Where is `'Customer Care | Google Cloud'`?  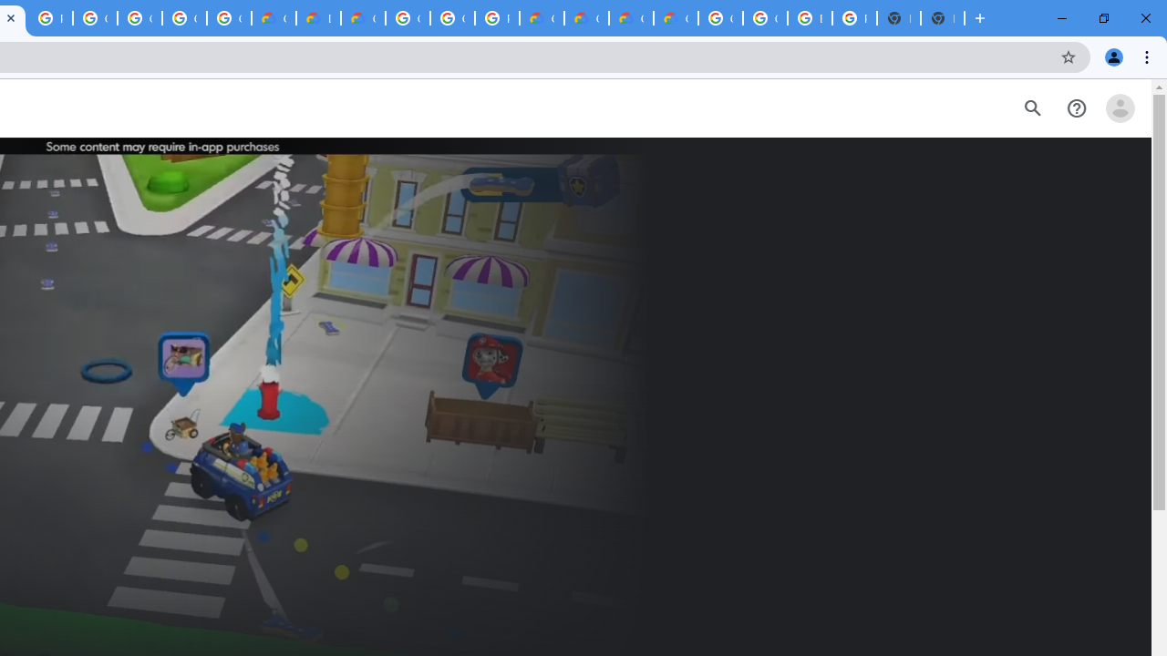 'Customer Care | Google Cloud' is located at coordinates (273, 18).